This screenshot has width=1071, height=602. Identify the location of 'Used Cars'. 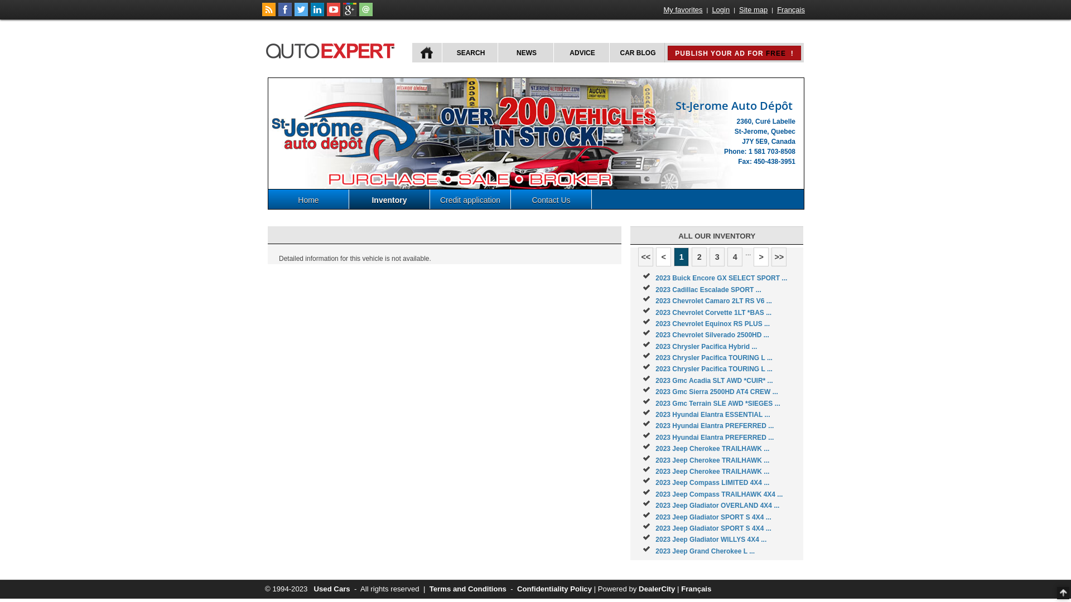
(331, 588).